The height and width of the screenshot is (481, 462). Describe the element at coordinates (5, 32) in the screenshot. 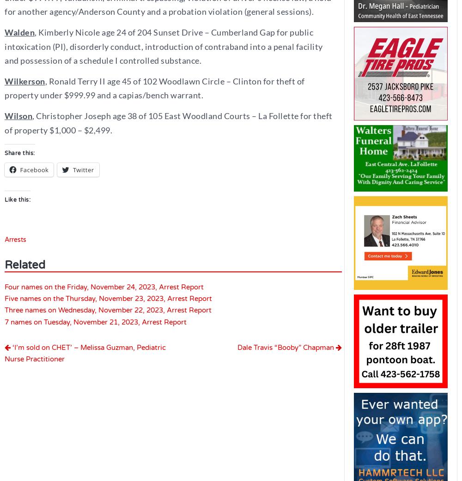

I see `'Walden'` at that location.